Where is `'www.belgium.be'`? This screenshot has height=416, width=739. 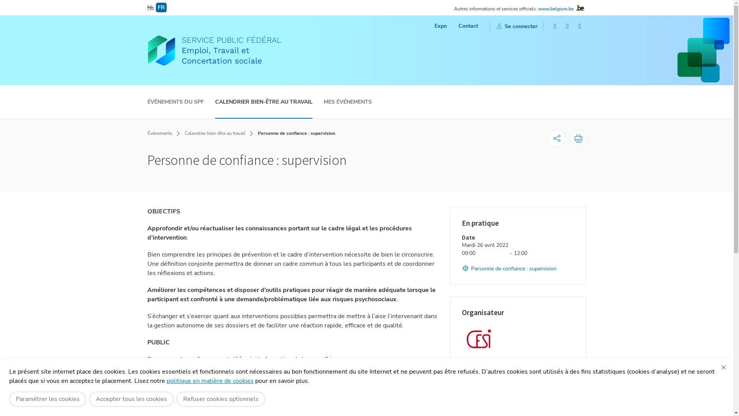
'www.belgium.be' is located at coordinates (556, 9).